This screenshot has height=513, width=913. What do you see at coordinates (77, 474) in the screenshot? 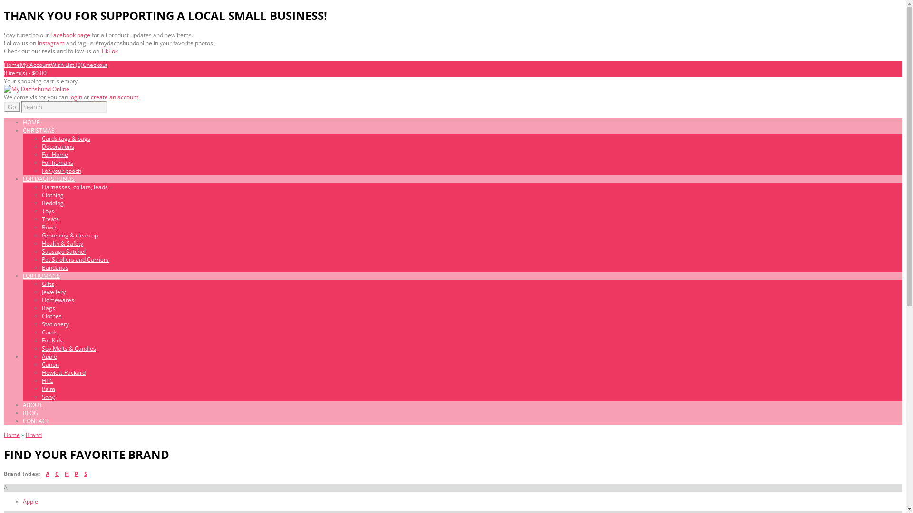
I see `'P'` at bounding box center [77, 474].